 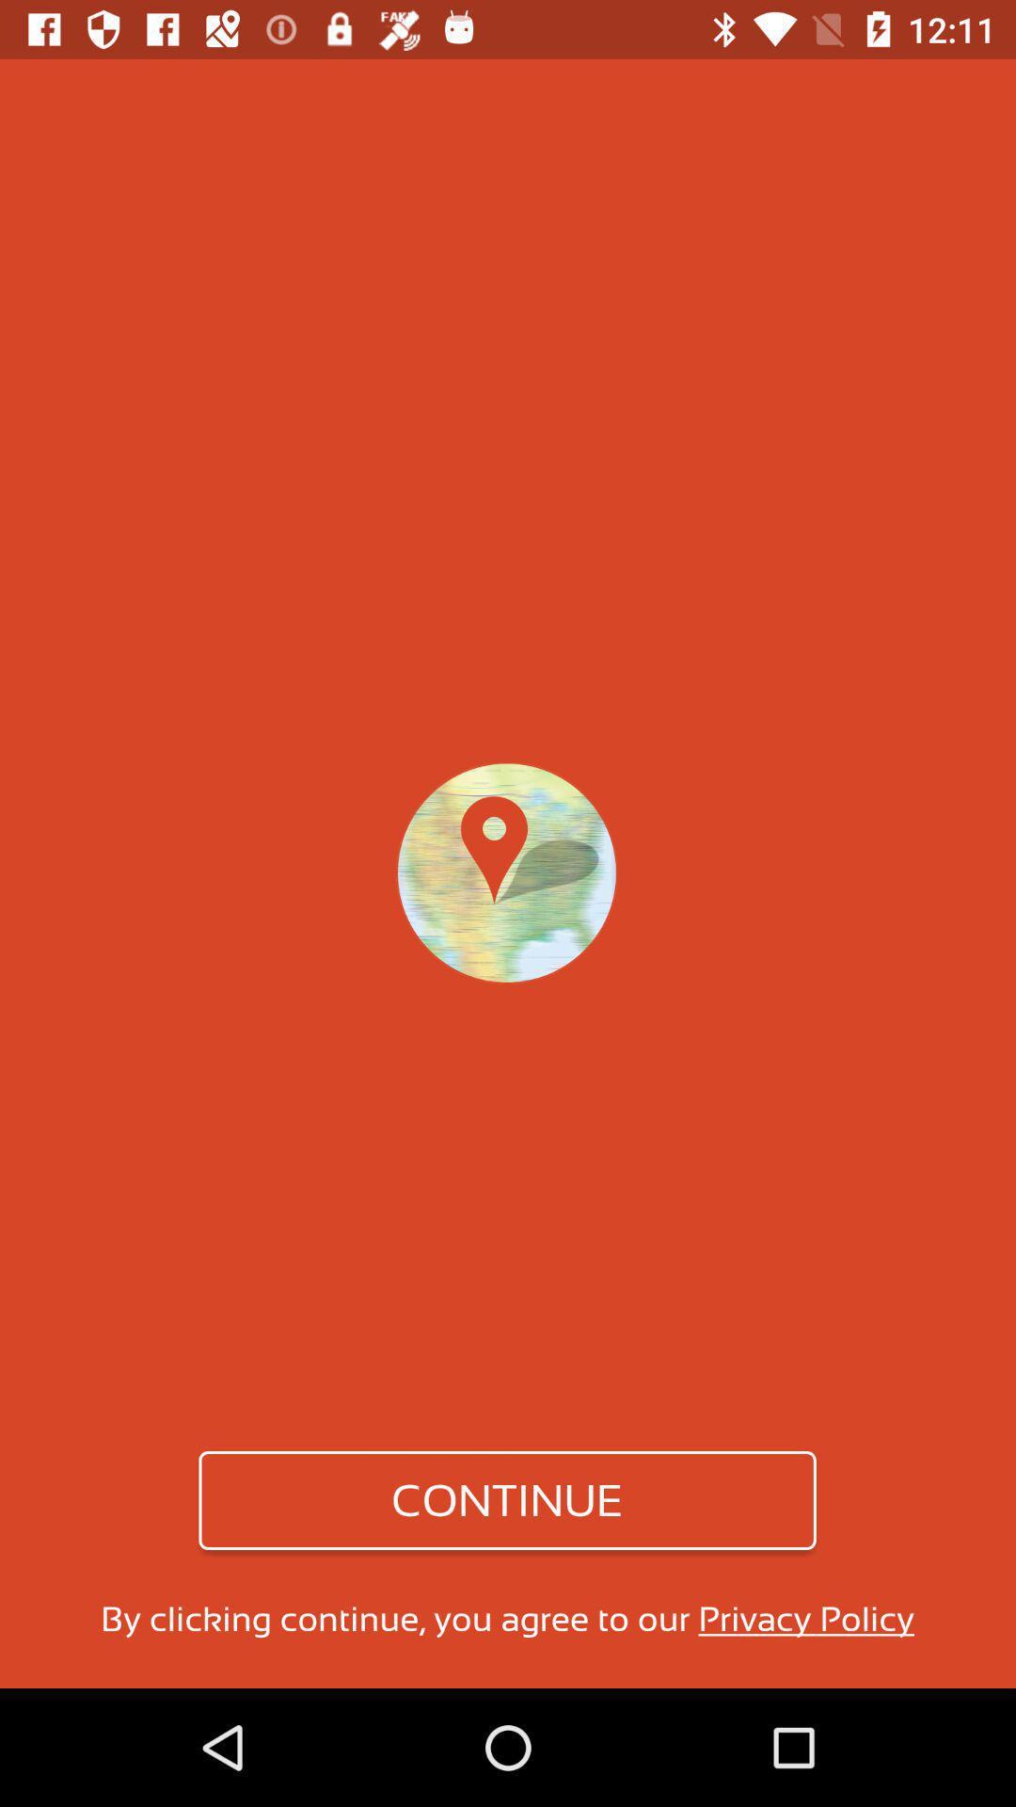 I want to click on the item below the continue, so click(x=506, y=1618).